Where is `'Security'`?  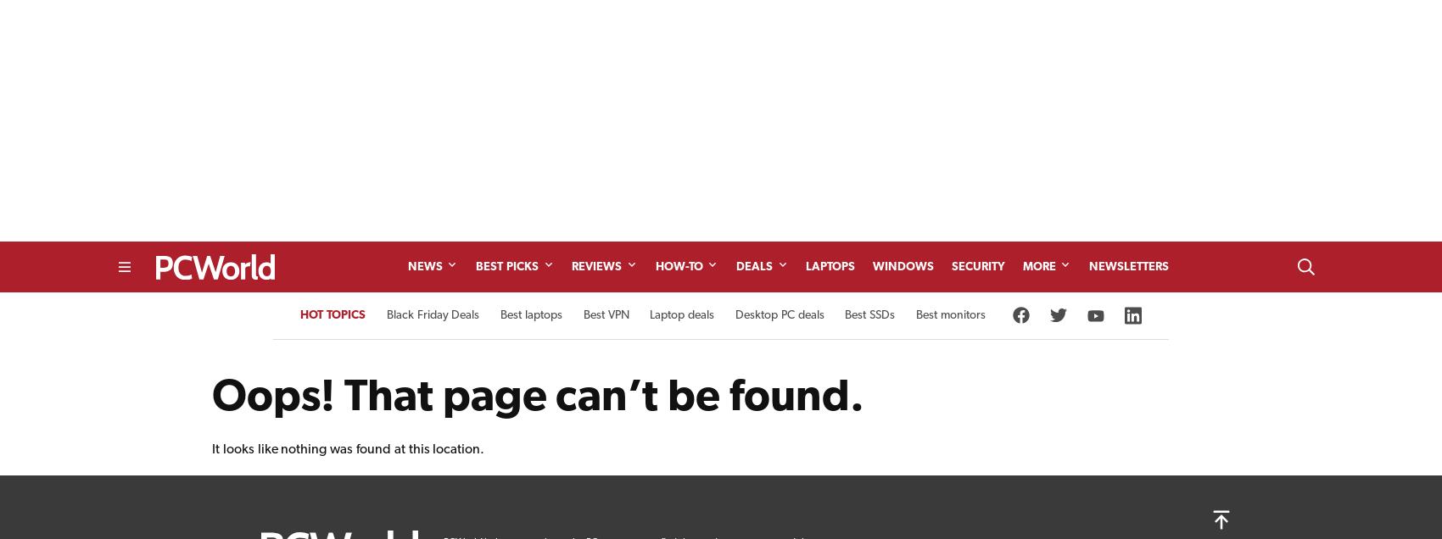
'Security' is located at coordinates (977, 266).